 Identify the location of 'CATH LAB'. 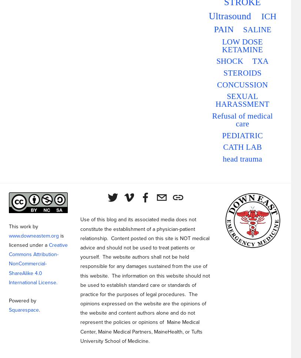
(223, 147).